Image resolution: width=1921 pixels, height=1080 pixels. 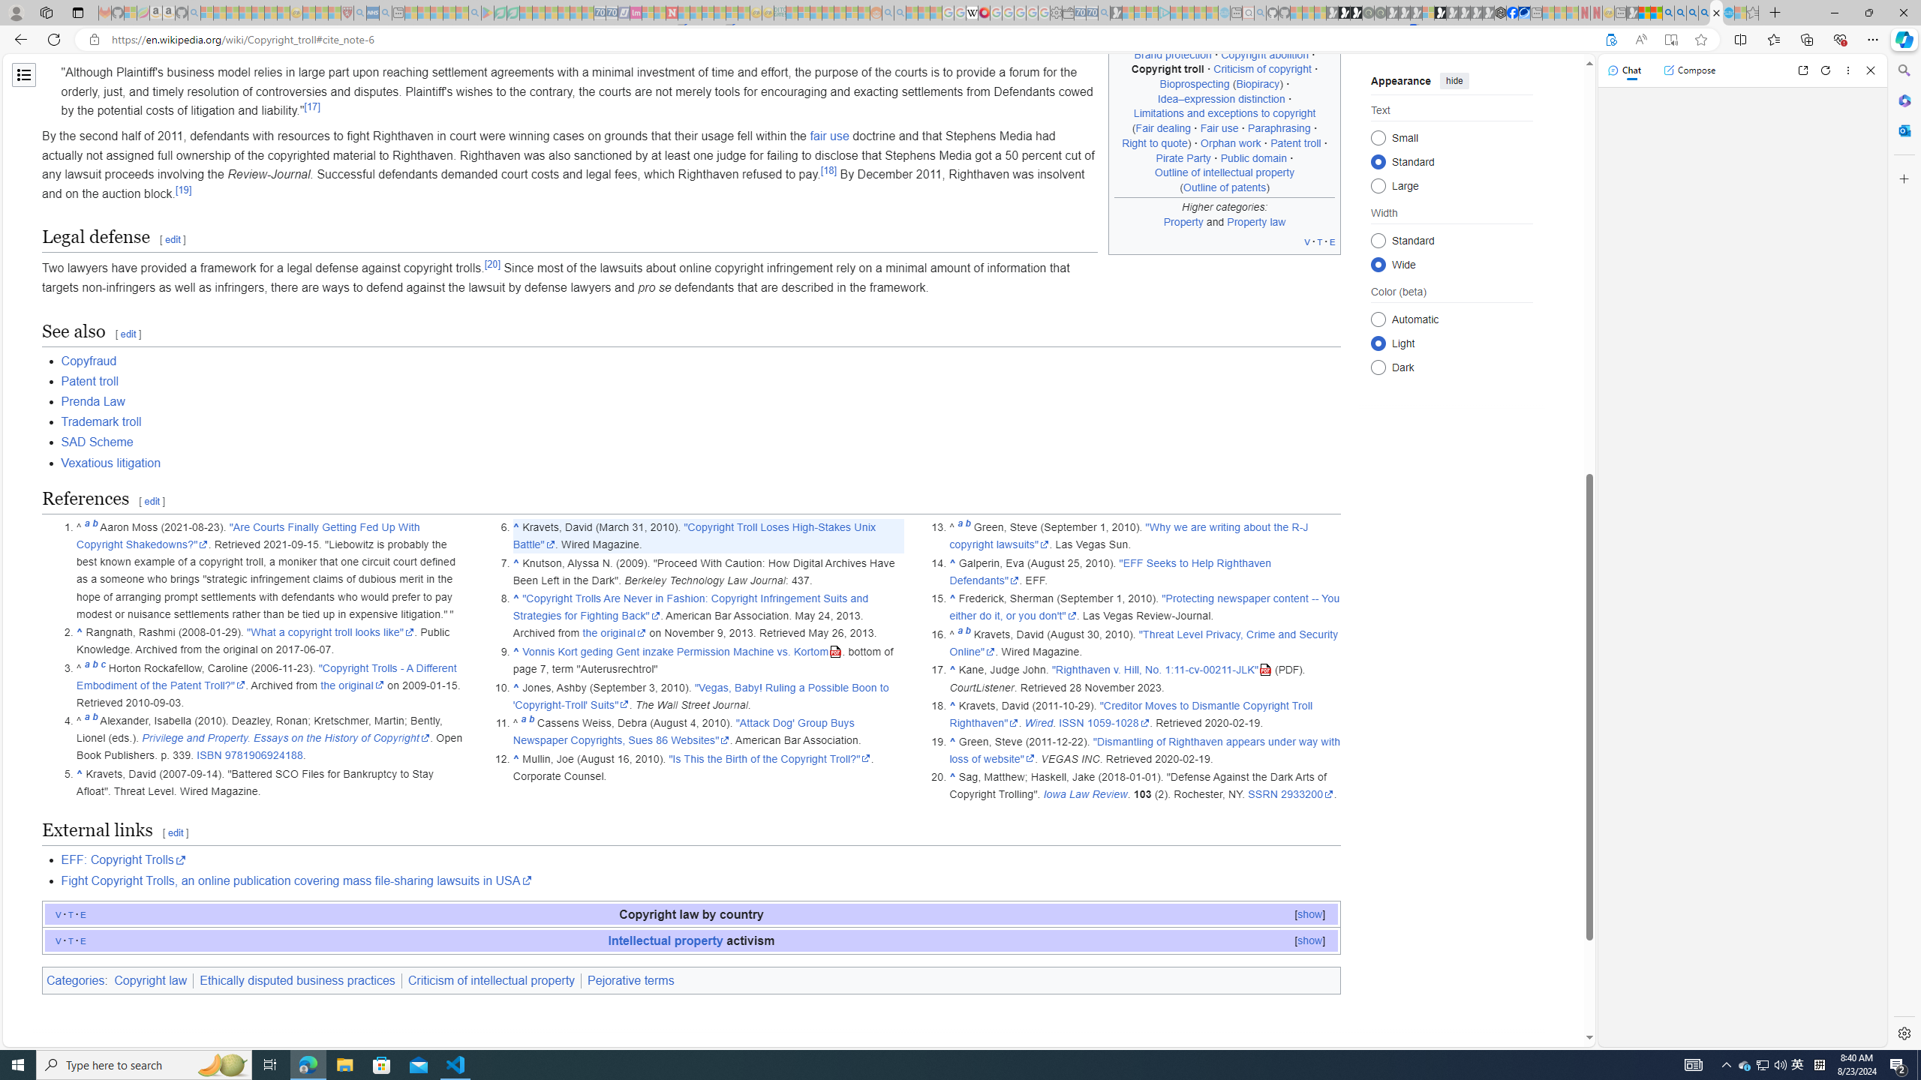 I want to click on 'Back', so click(x=18, y=38).